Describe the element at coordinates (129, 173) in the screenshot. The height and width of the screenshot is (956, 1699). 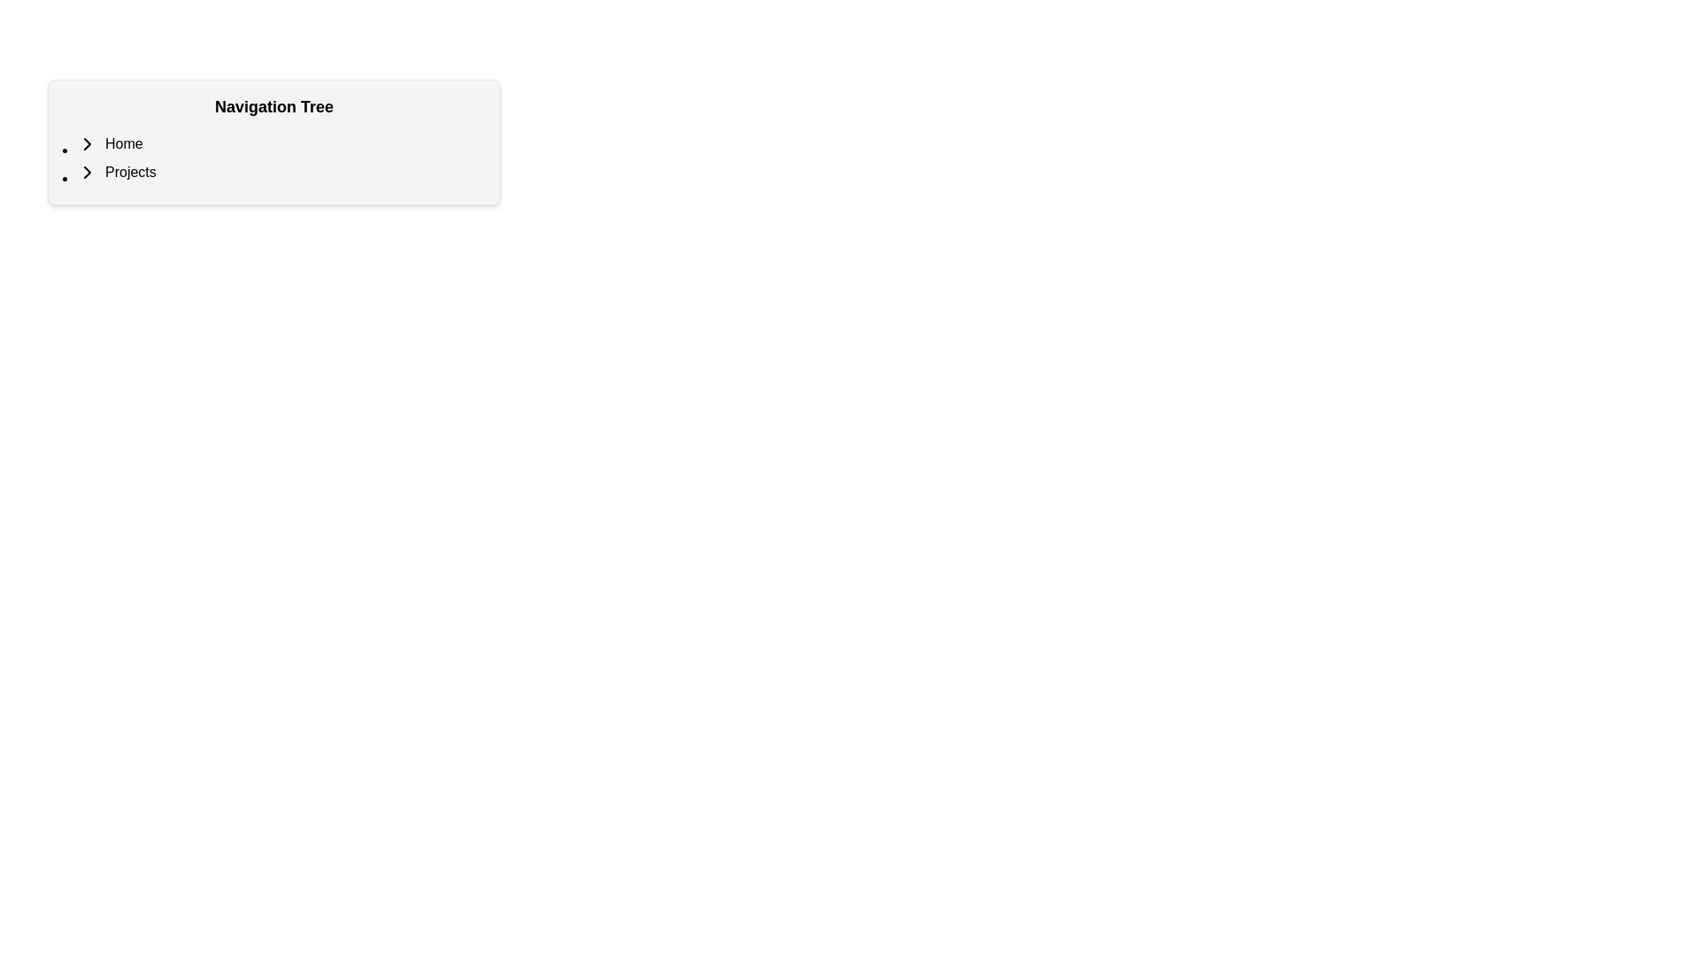
I see `the 'Projects' text label in the navigation menu` at that location.